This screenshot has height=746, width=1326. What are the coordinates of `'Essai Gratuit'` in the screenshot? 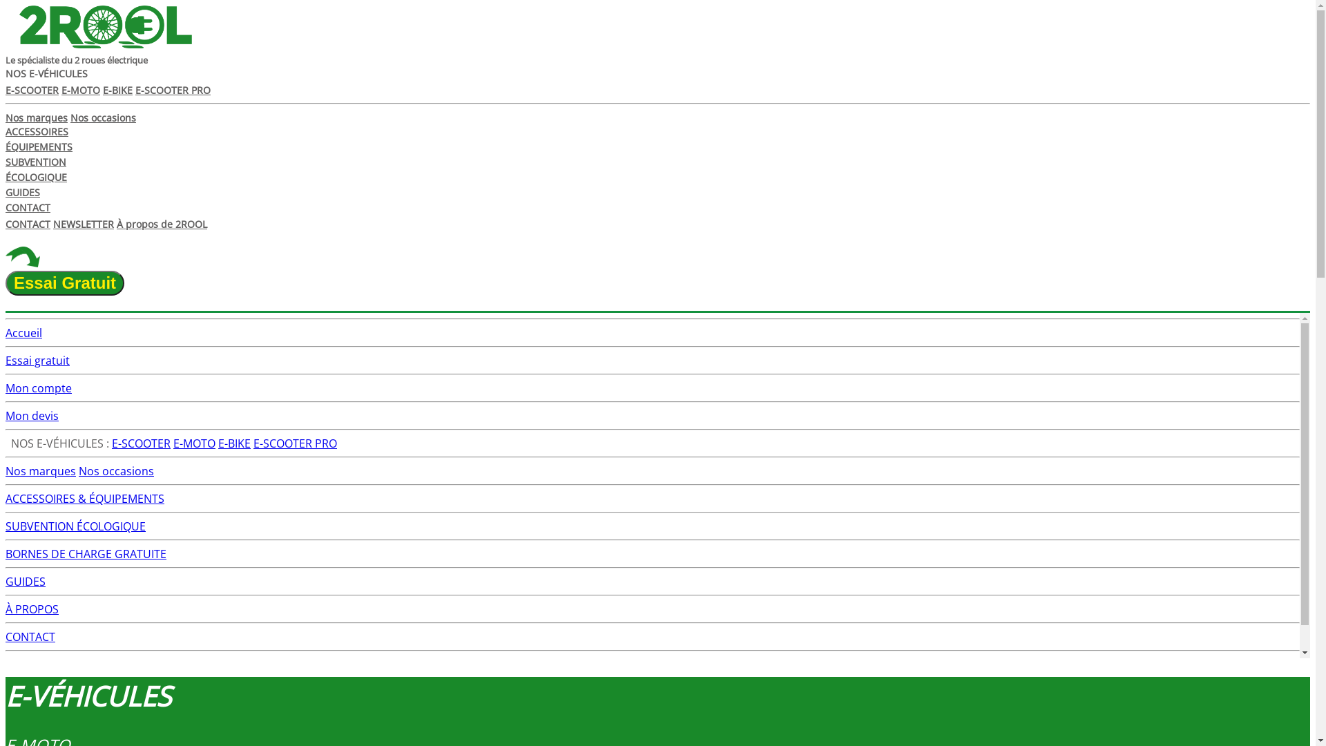 It's located at (64, 282).